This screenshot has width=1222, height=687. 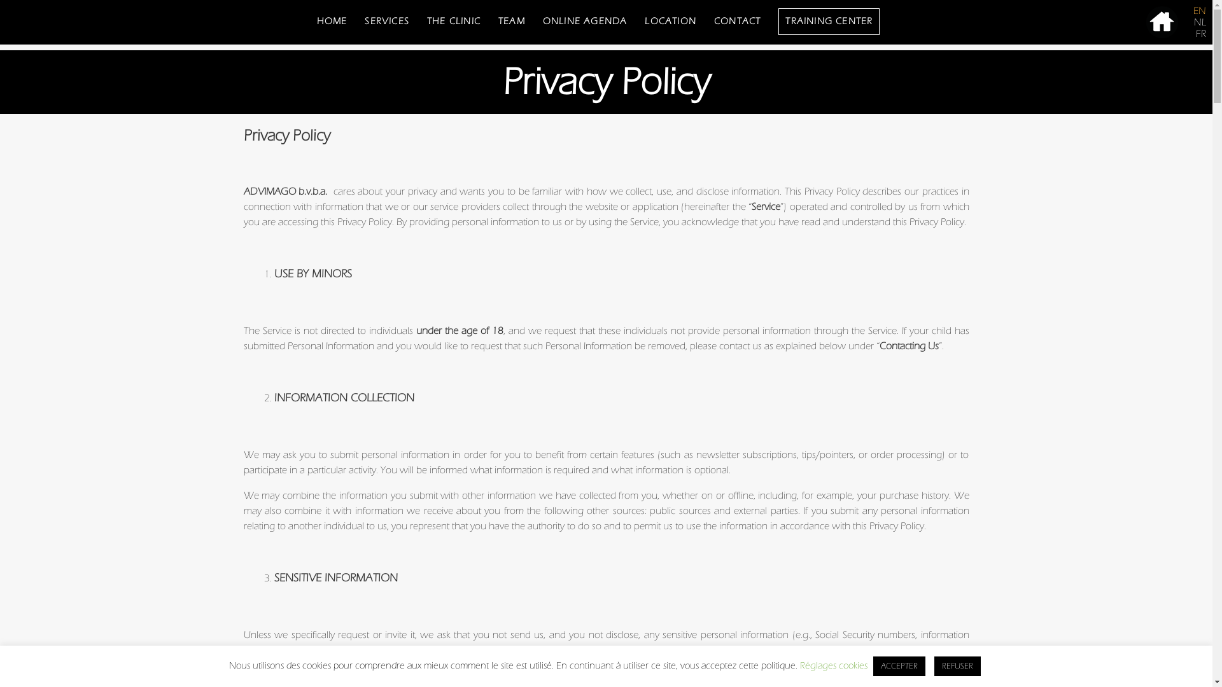 What do you see at coordinates (898, 665) in the screenshot?
I see `'ACCEPTER'` at bounding box center [898, 665].